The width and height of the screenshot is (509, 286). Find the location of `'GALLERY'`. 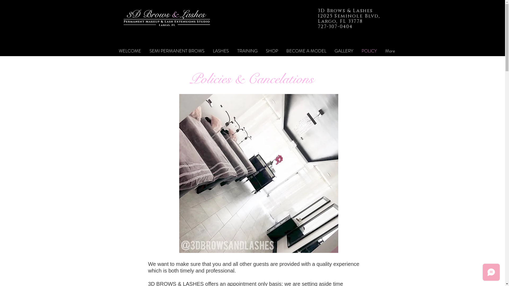

'GALLERY' is located at coordinates (344, 51).